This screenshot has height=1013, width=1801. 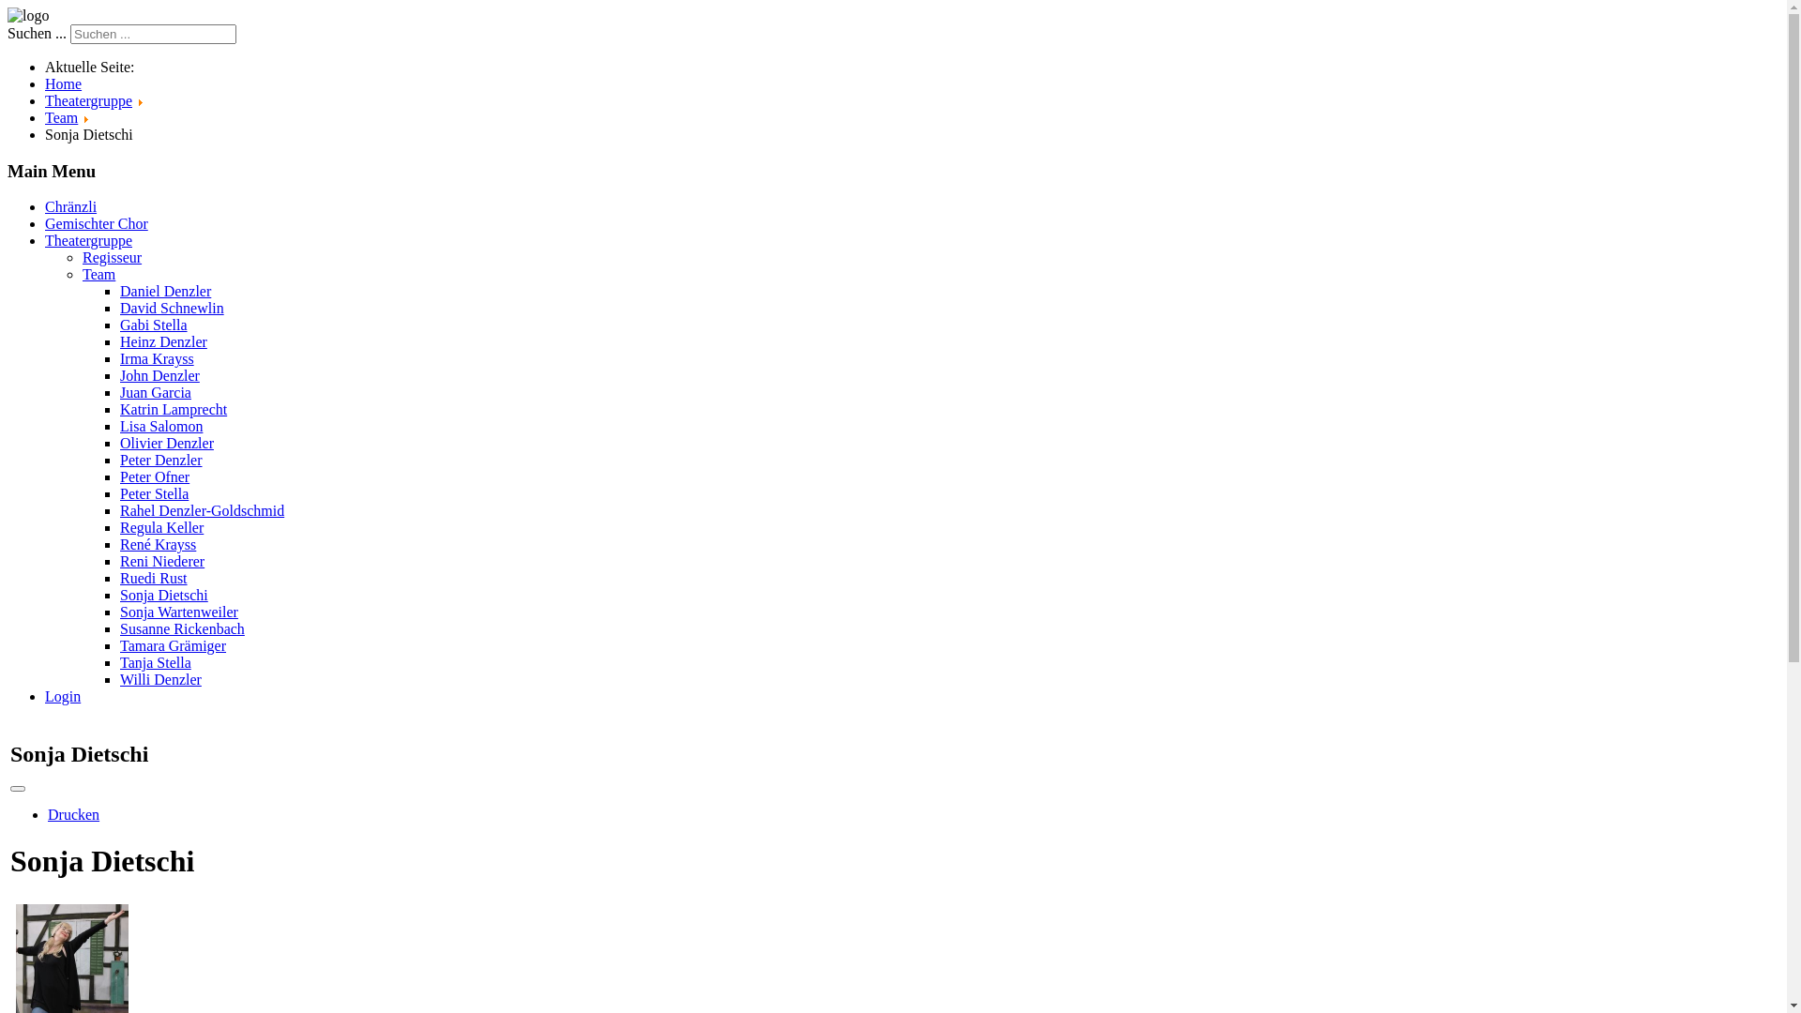 What do you see at coordinates (73, 813) in the screenshot?
I see `'Drucken'` at bounding box center [73, 813].